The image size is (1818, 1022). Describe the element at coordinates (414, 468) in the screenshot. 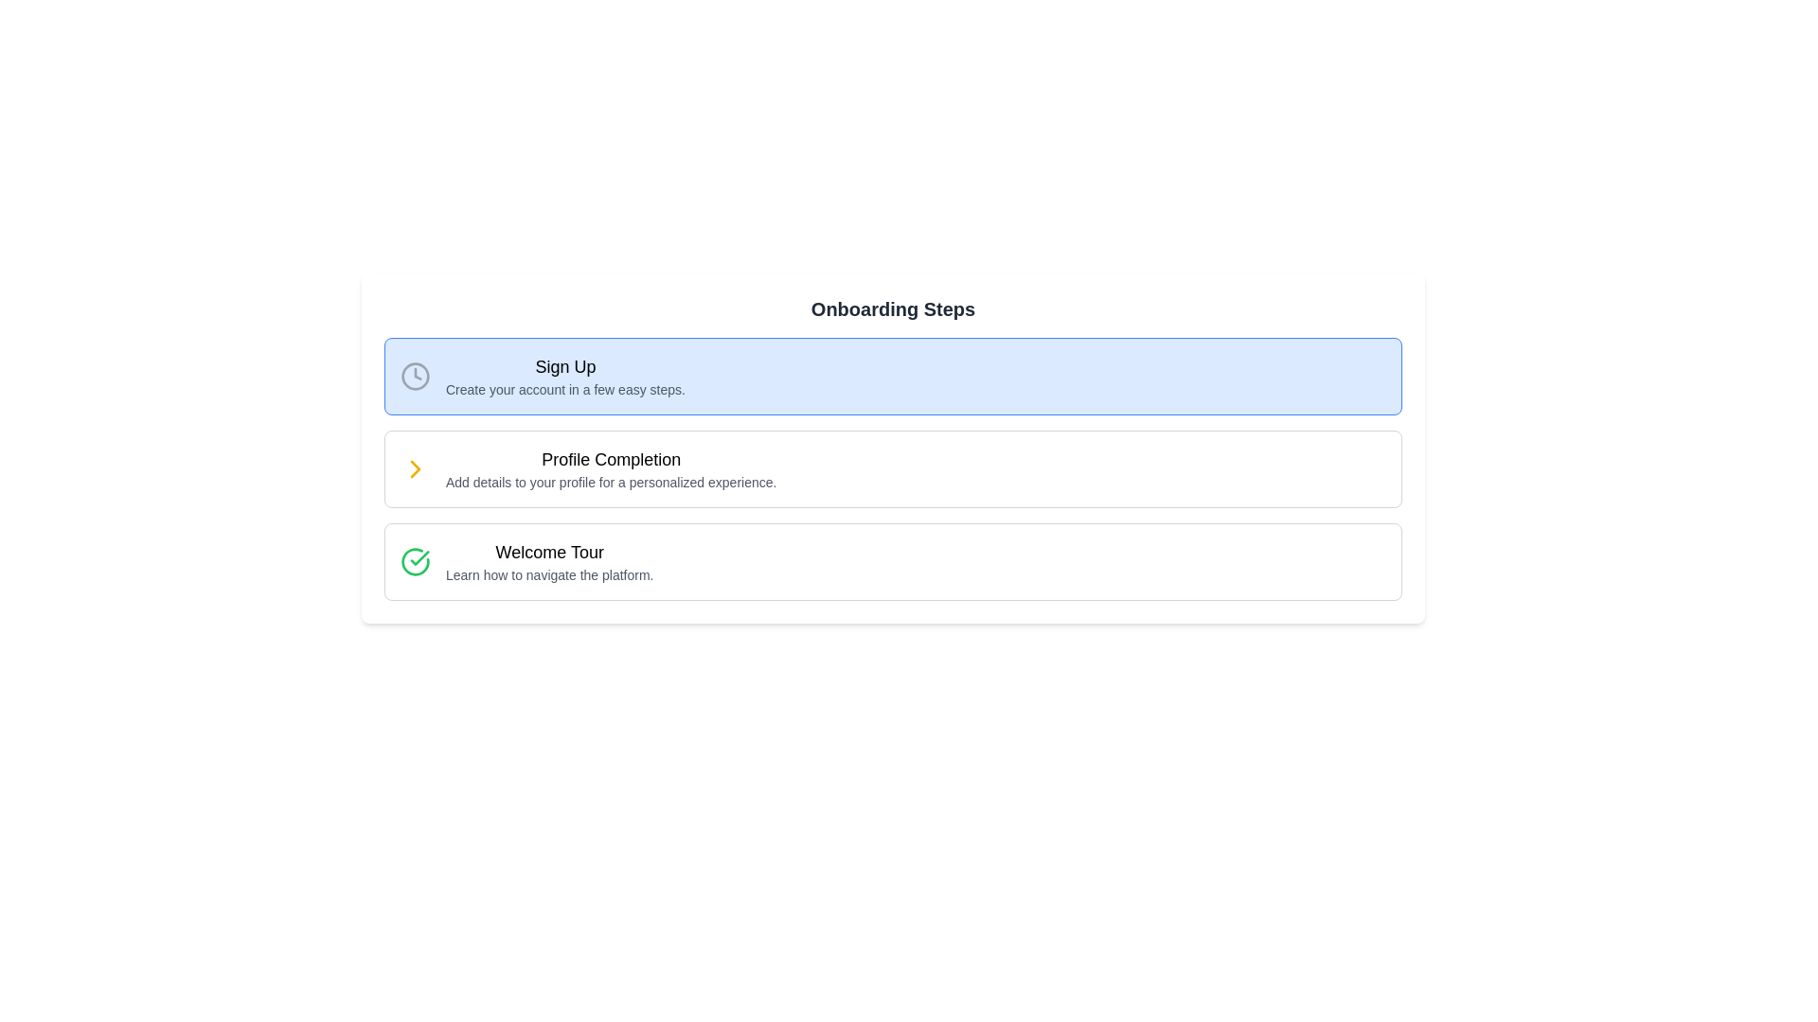

I see `the icon located to the left of the 'Profile Completion' label` at that location.